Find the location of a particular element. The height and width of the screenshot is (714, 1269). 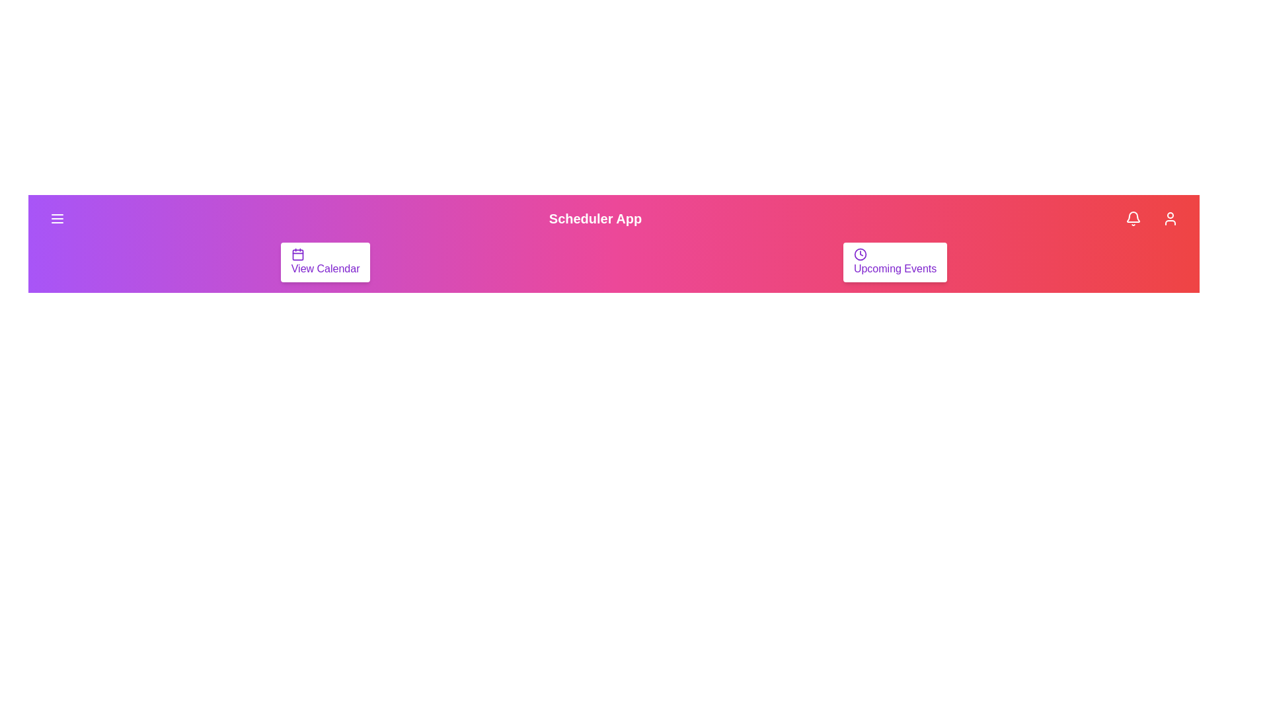

the notification bell icon to view notifications is located at coordinates (1132, 218).